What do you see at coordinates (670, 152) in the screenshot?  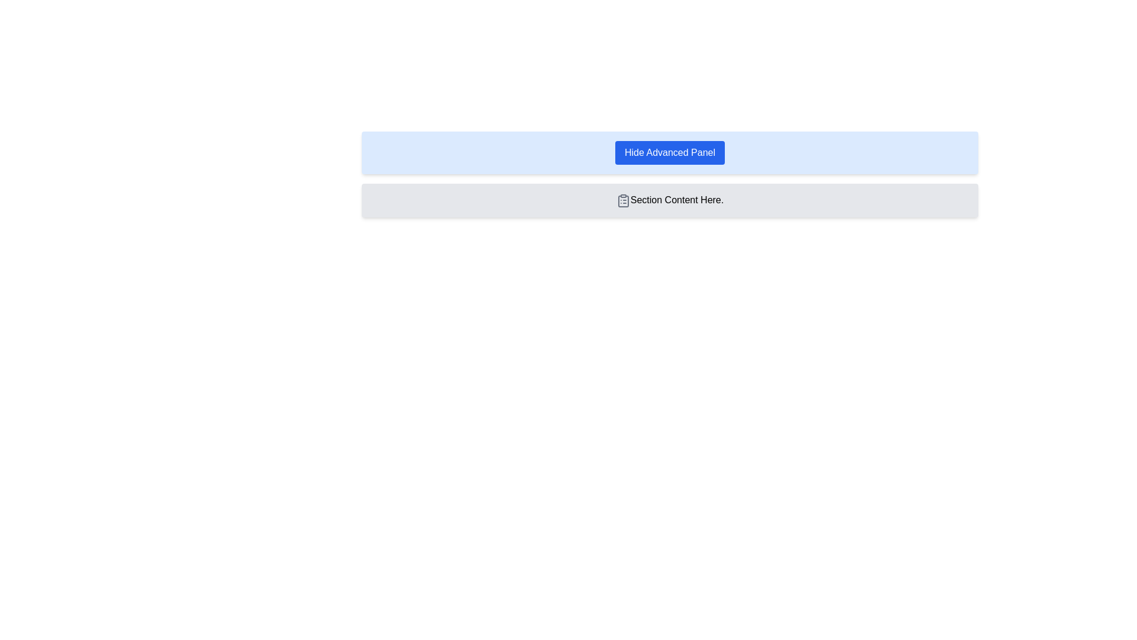 I see `the Decorative Panel with a light blue background that contains the text 'Hide Advanced Panel' centered within it, located at the top of the section above the gray box labeled 'Section Content Here'` at bounding box center [670, 152].